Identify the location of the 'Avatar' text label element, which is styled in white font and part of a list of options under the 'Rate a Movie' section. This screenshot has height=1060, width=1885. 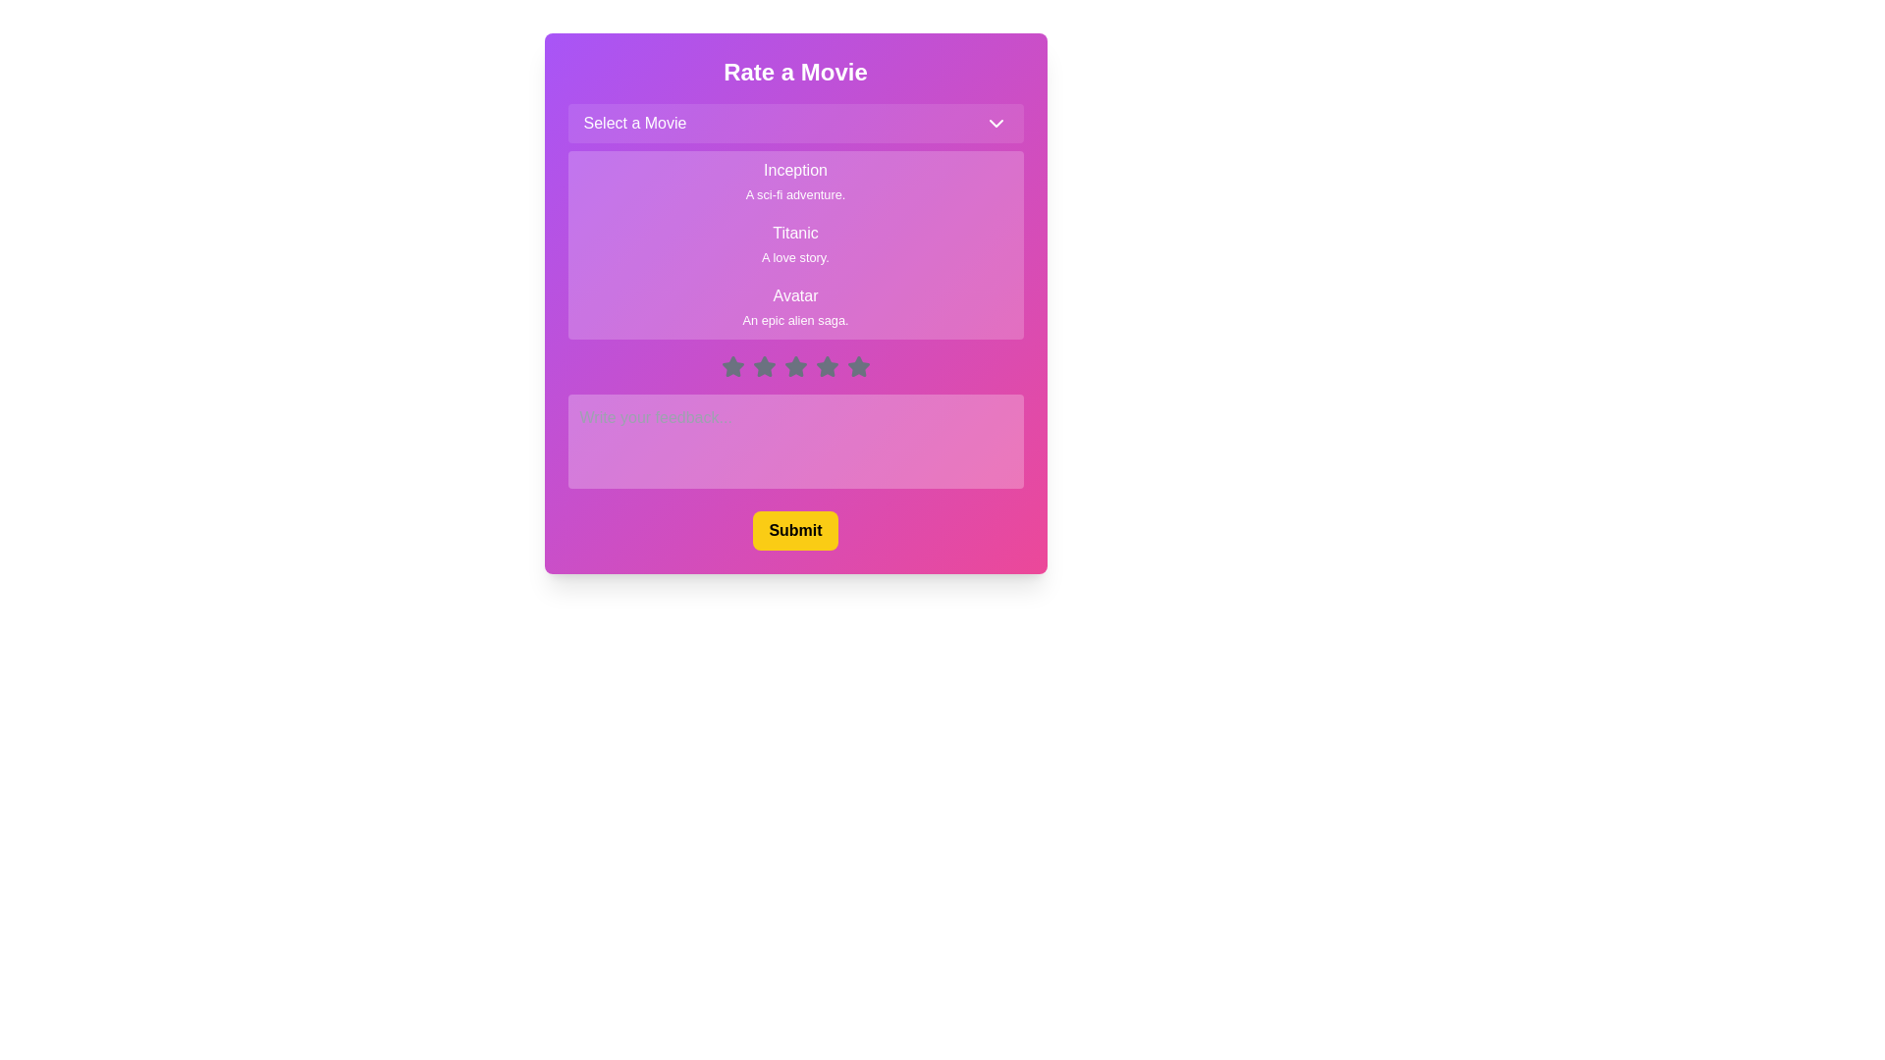
(795, 295).